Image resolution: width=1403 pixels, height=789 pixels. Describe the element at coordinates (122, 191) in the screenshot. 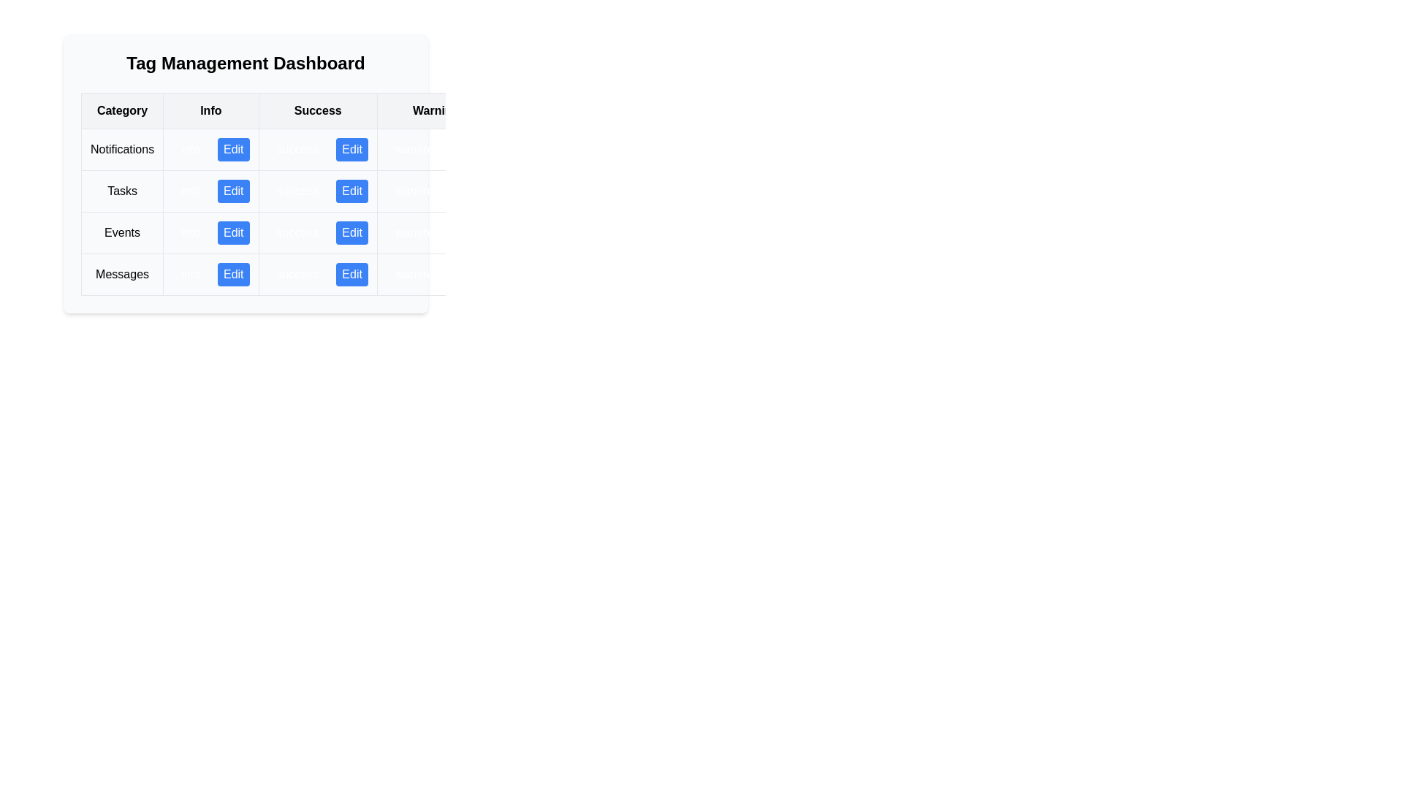

I see `the text label that displays 'Tasks', which is styled with a medium font weight and a gray background, located in the second row of the first column of a table structure` at that location.